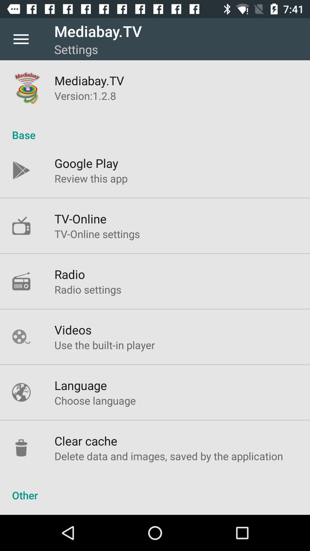 The width and height of the screenshot is (310, 551). What do you see at coordinates (88, 289) in the screenshot?
I see `the icon above videos icon` at bounding box center [88, 289].